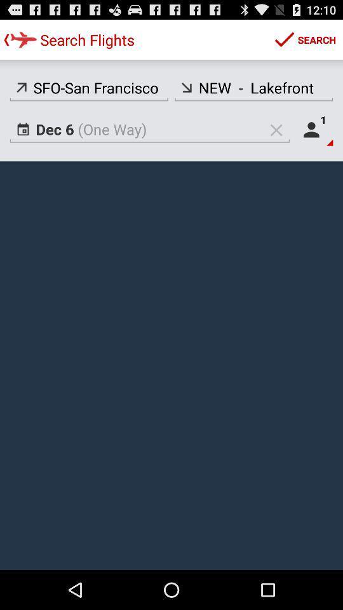 The image size is (343, 610). I want to click on the close icon, so click(276, 139).